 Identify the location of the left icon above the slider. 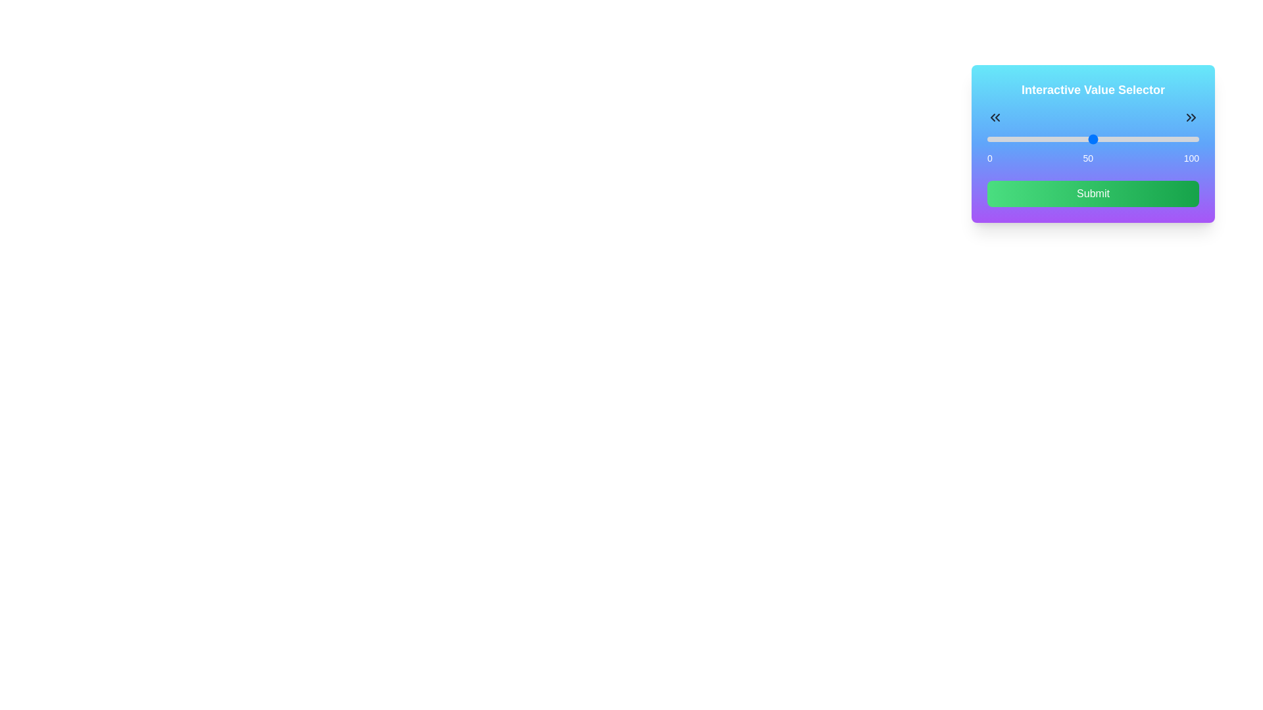
(995, 116).